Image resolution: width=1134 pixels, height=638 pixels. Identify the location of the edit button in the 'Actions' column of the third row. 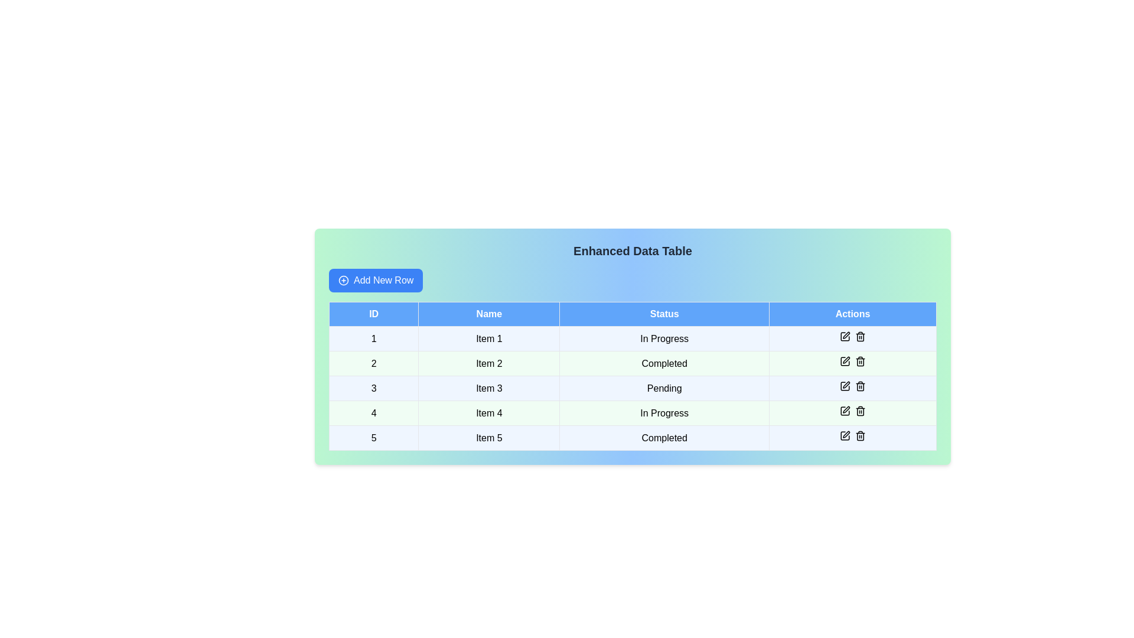
(844, 386).